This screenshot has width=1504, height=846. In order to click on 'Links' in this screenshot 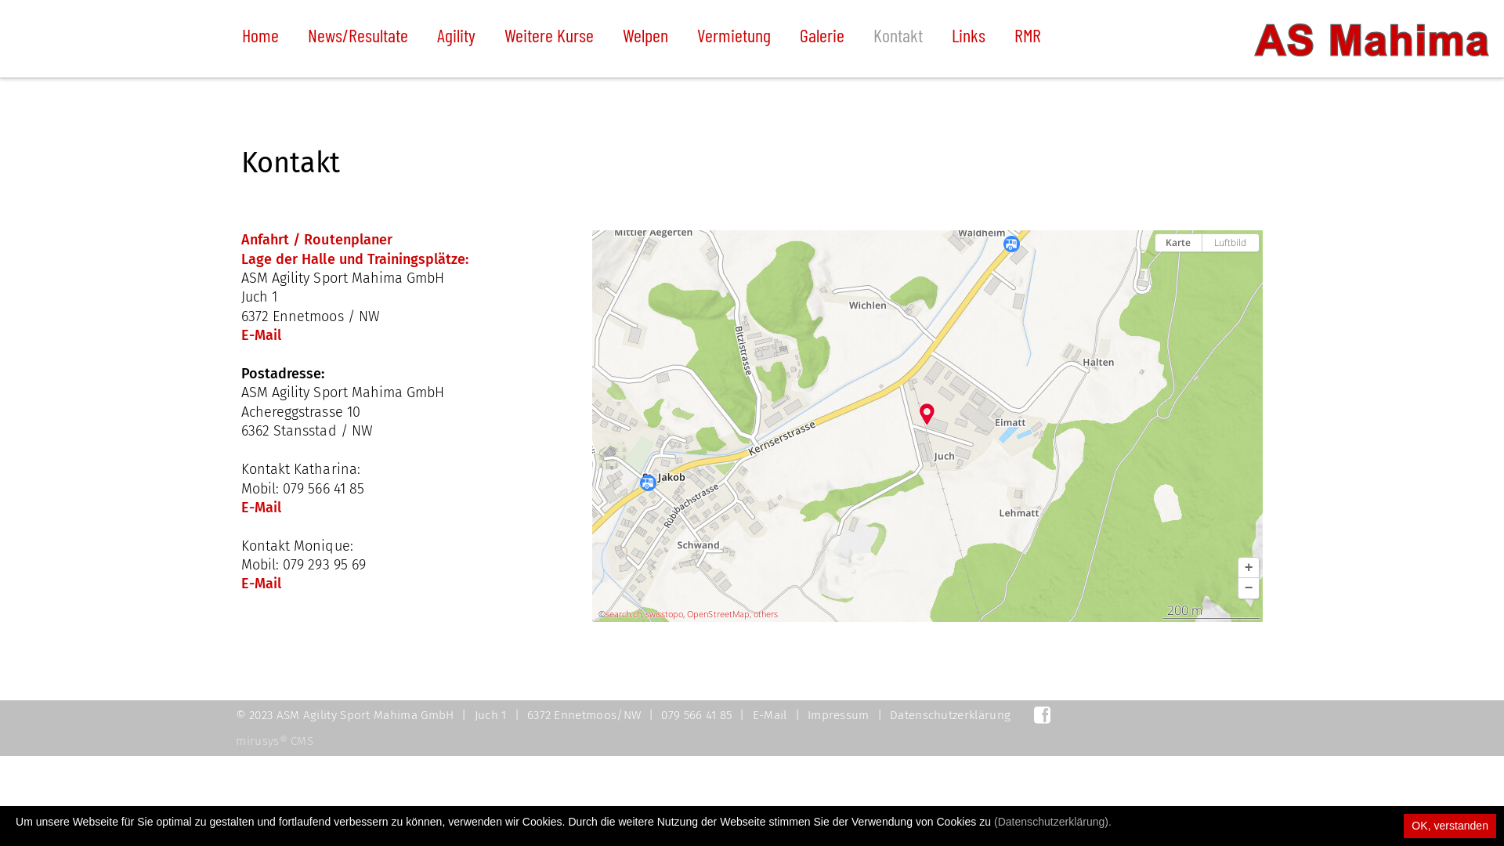, I will do `click(950, 38)`.